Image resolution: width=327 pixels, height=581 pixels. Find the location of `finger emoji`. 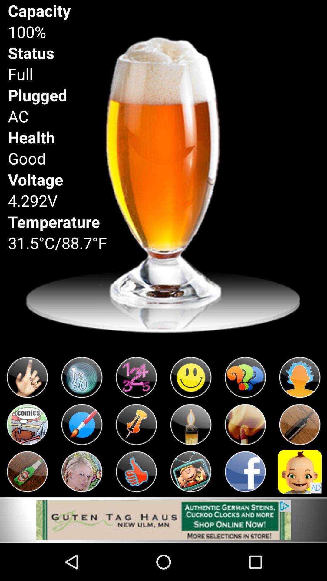

finger emoji is located at coordinates (27, 377).